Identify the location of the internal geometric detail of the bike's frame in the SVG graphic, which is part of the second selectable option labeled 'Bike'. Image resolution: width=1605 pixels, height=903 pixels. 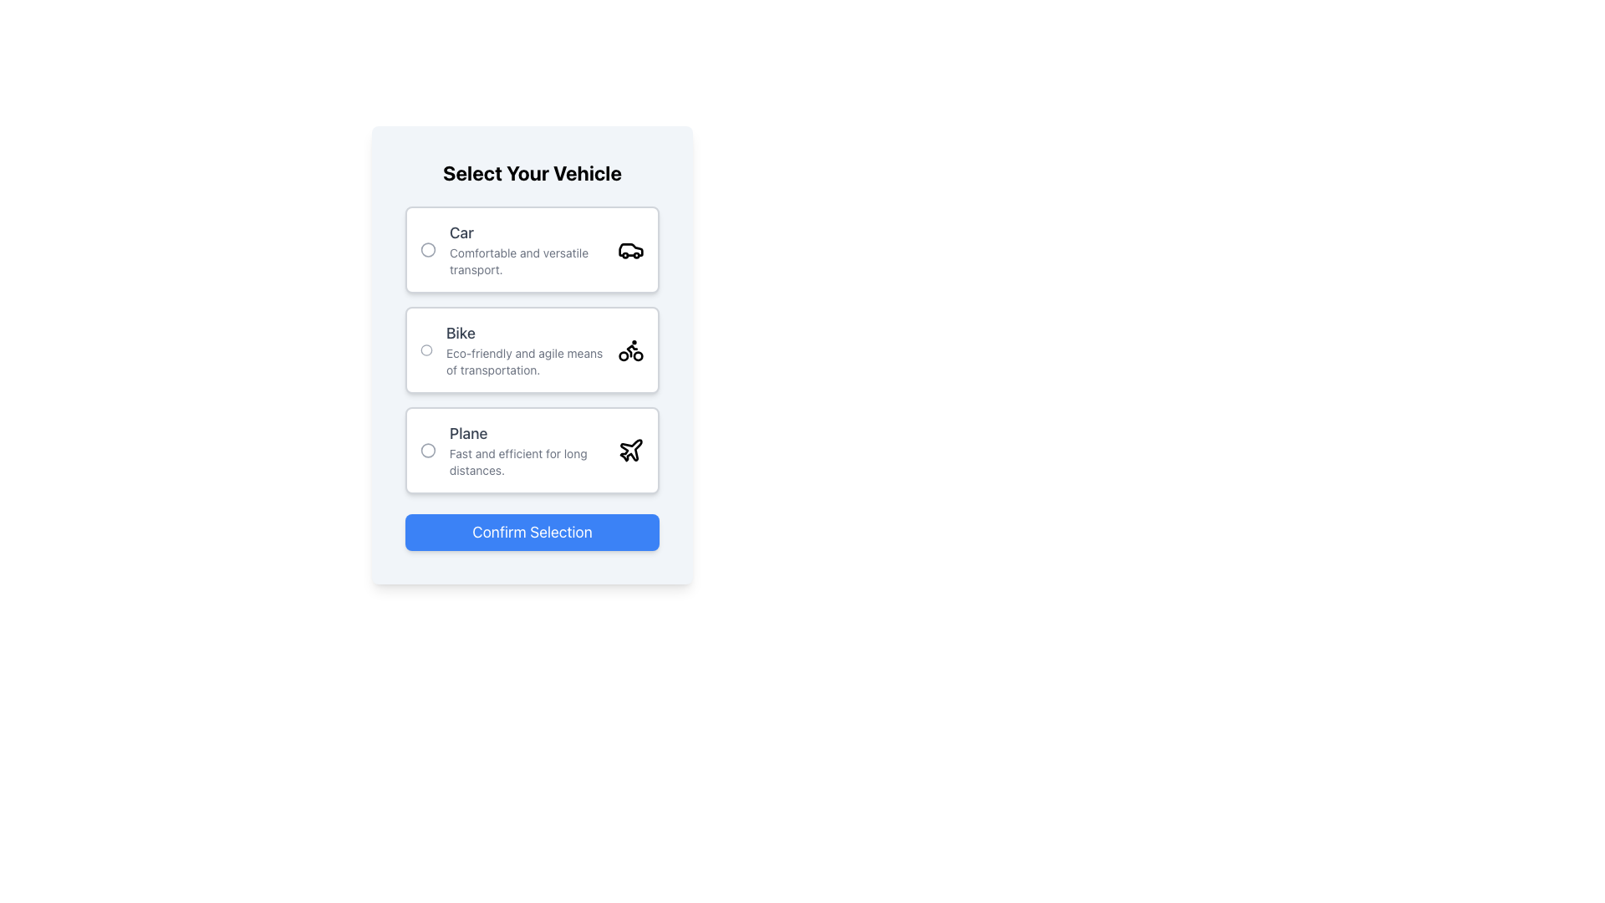
(631, 350).